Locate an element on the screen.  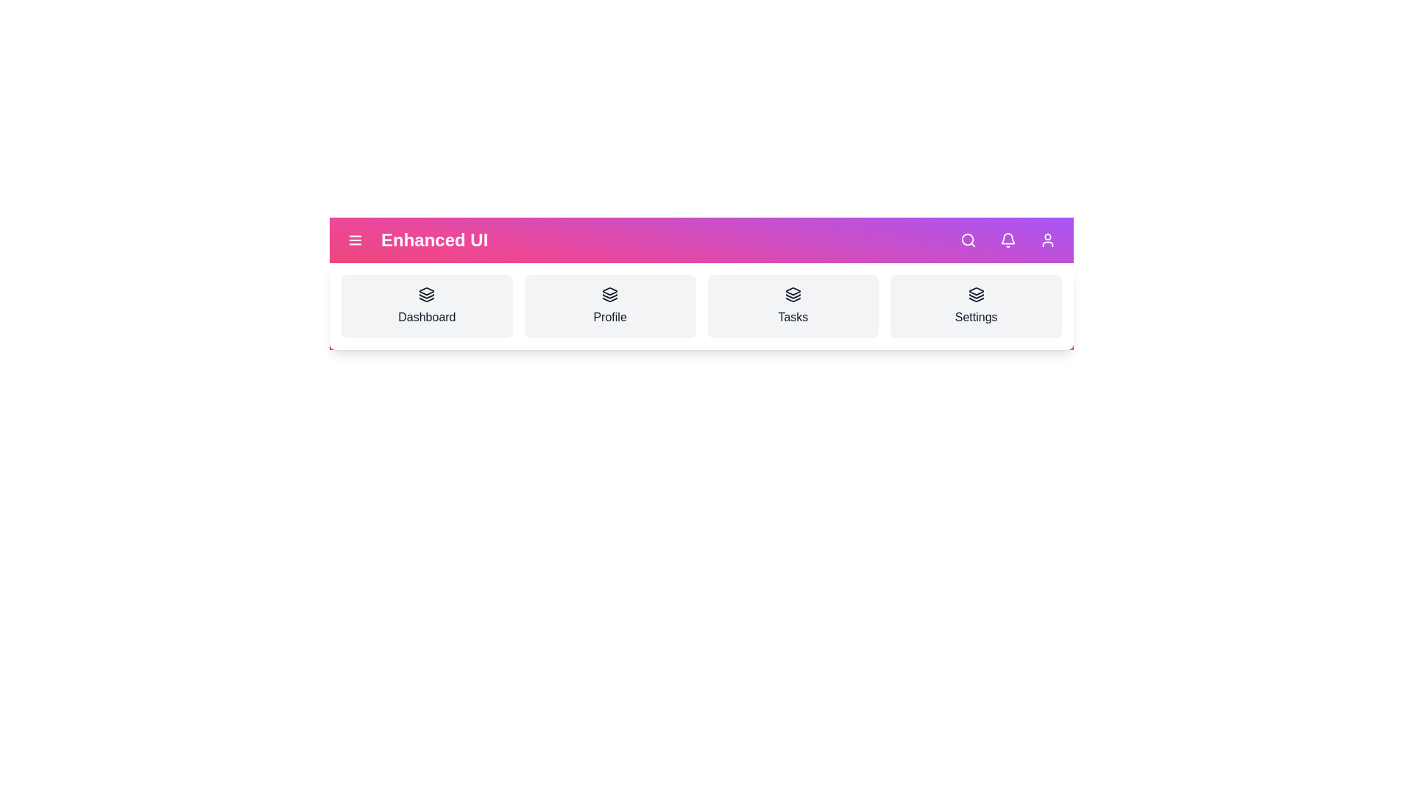
the interactive element menu_button is located at coordinates (355, 240).